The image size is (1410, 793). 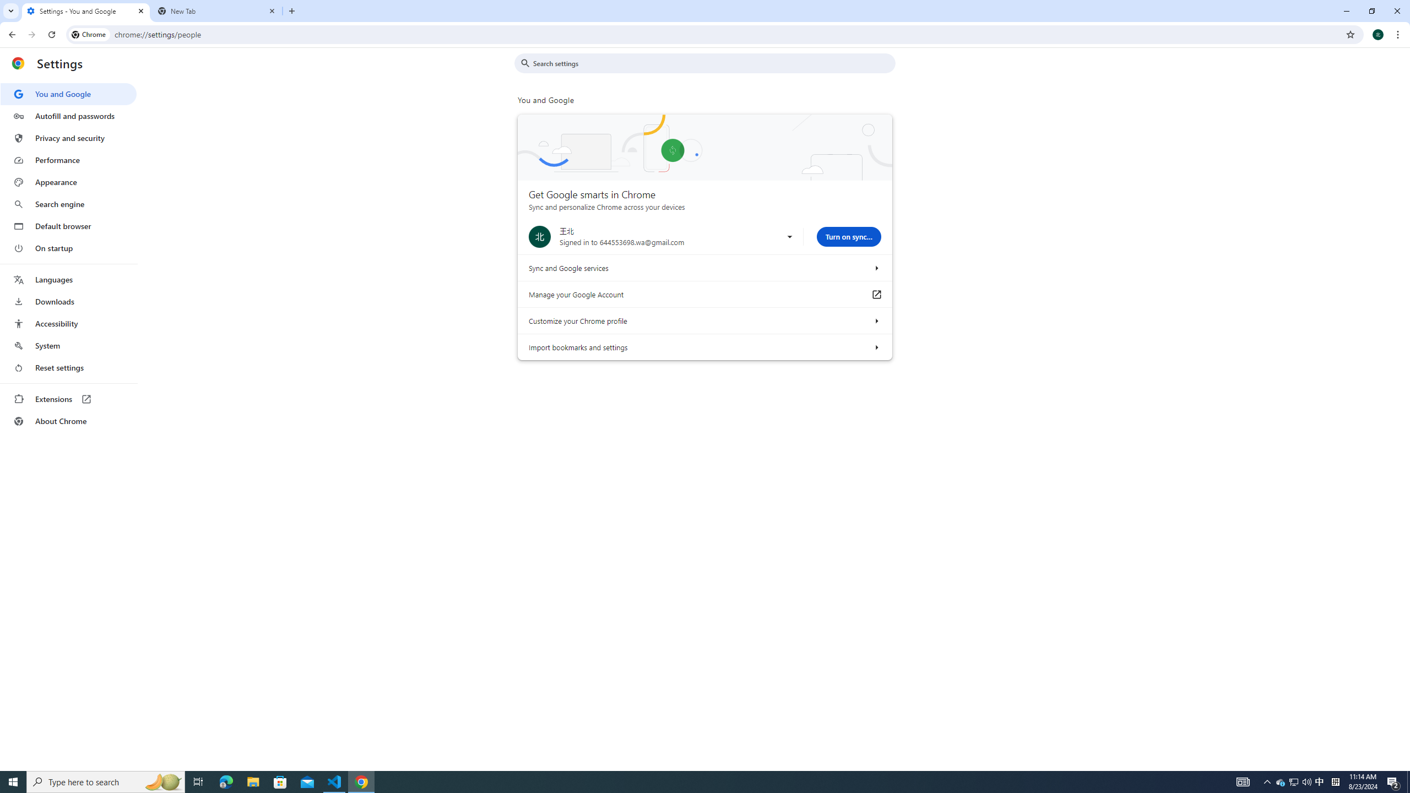 What do you see at coordinates (68, 160) in the screenshot?
I see `'Performance'` at bounding box center [68, 160].